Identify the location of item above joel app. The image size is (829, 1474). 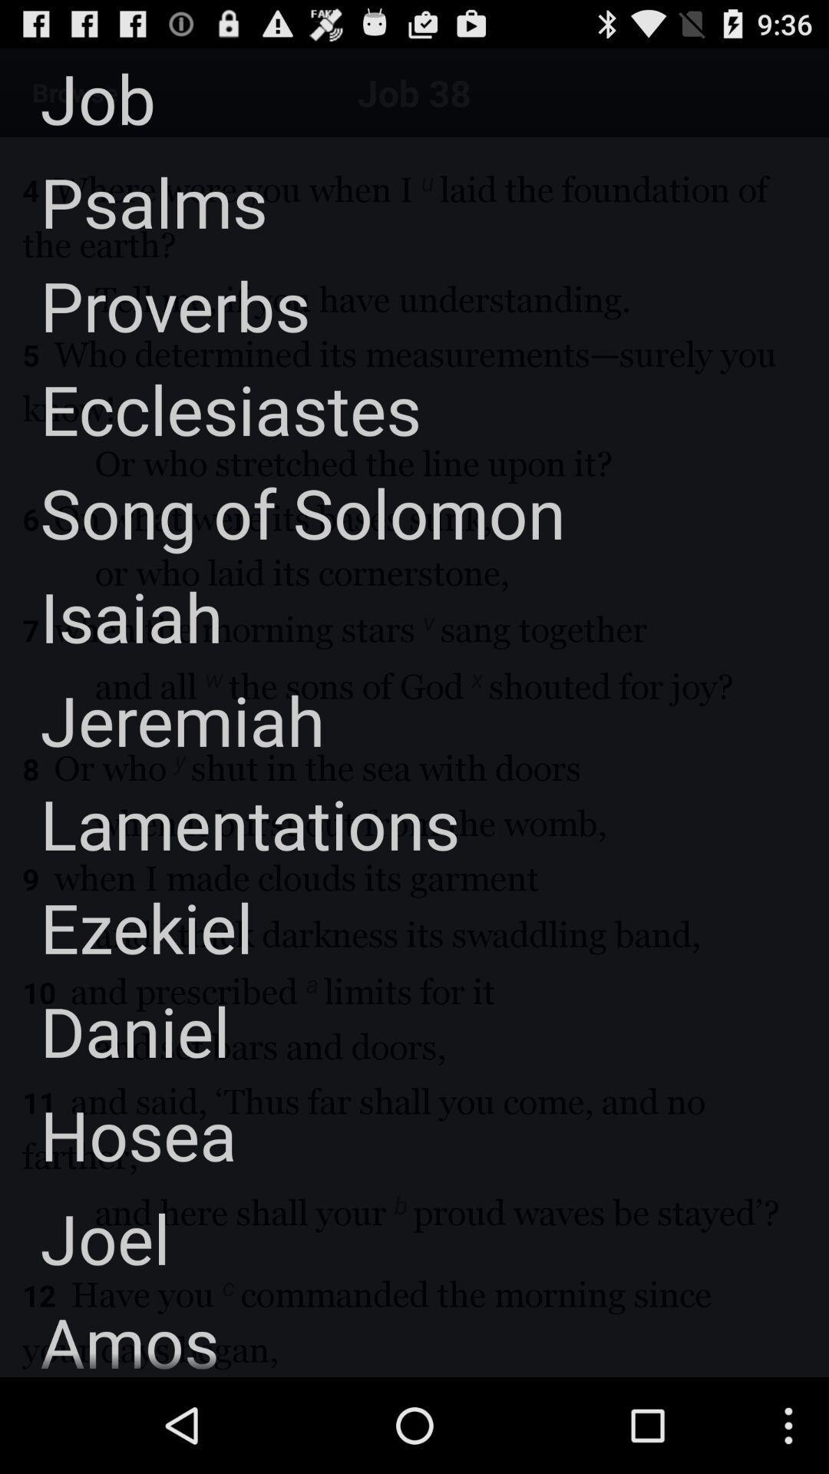
(117, 1134).